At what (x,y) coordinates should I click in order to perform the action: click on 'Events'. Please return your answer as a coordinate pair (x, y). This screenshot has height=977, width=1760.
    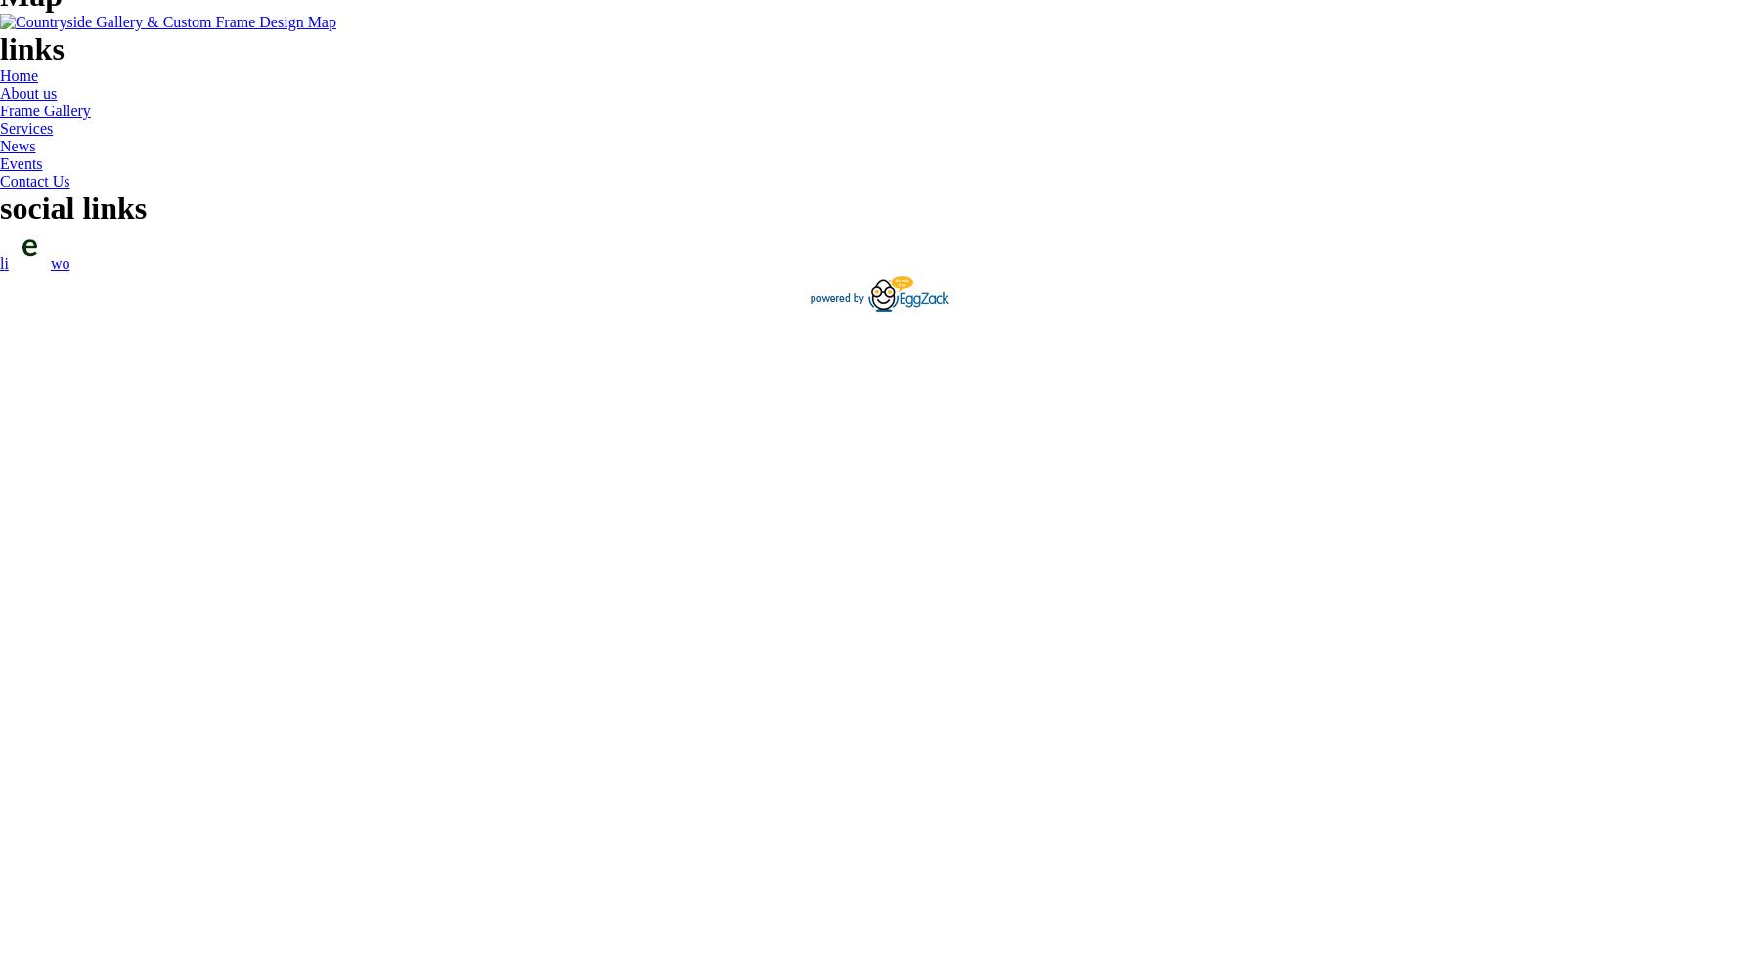
    Looking at the image, I should click on (20, 163).